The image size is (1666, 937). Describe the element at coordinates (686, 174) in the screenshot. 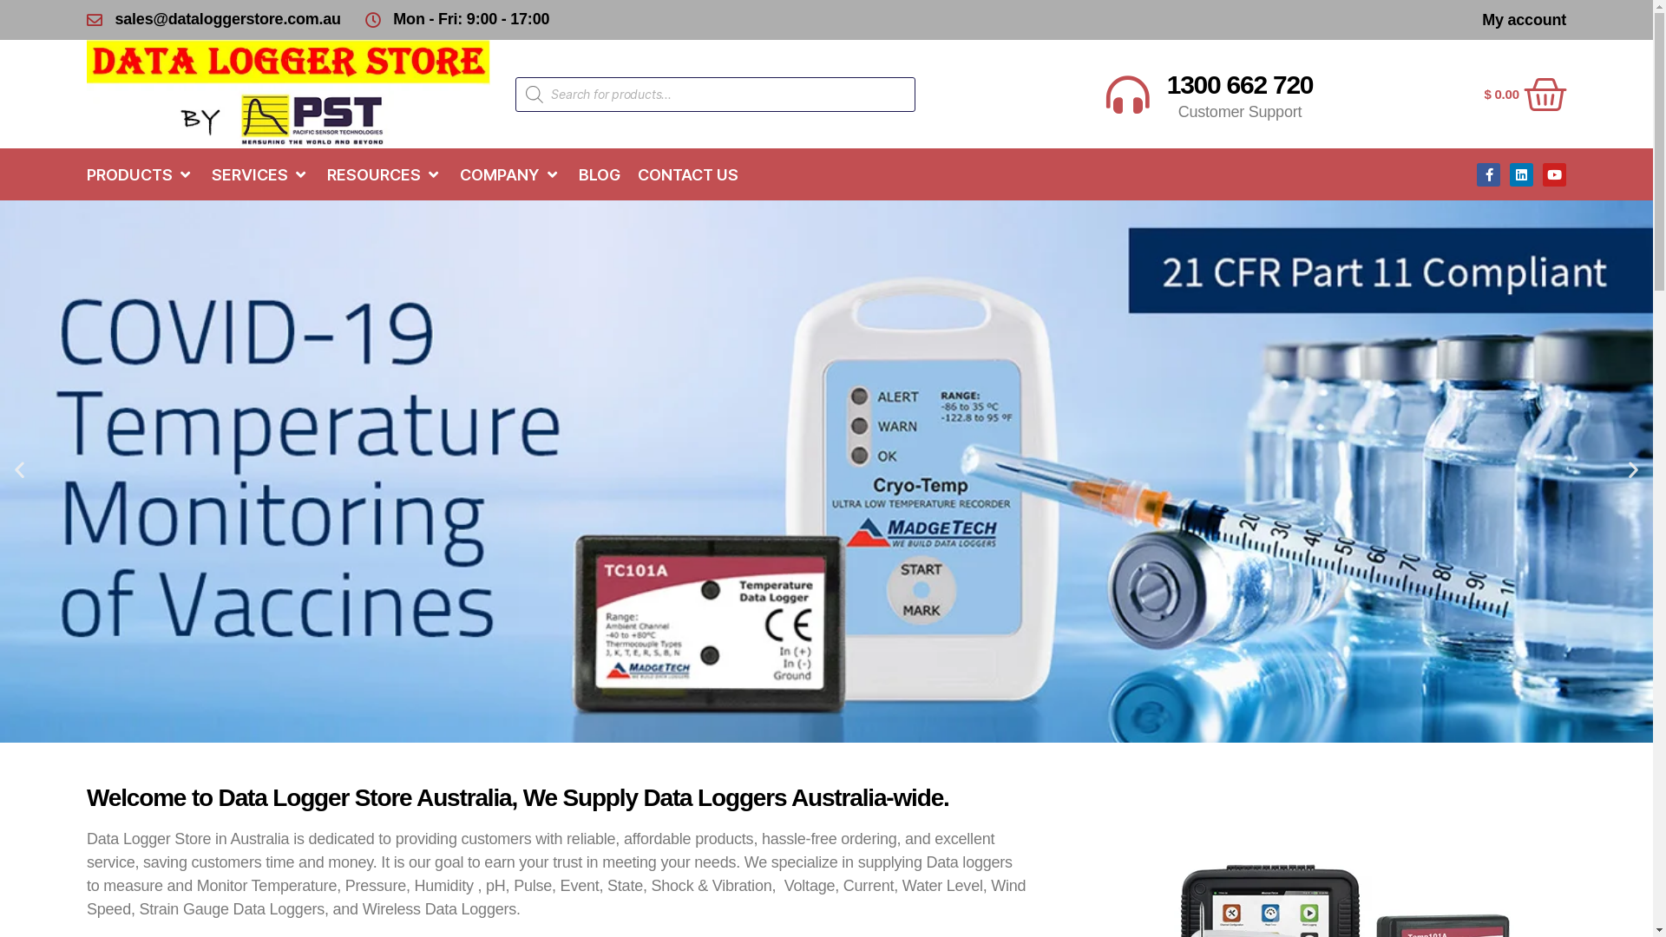

I see `'CONTACT US'` at that location.